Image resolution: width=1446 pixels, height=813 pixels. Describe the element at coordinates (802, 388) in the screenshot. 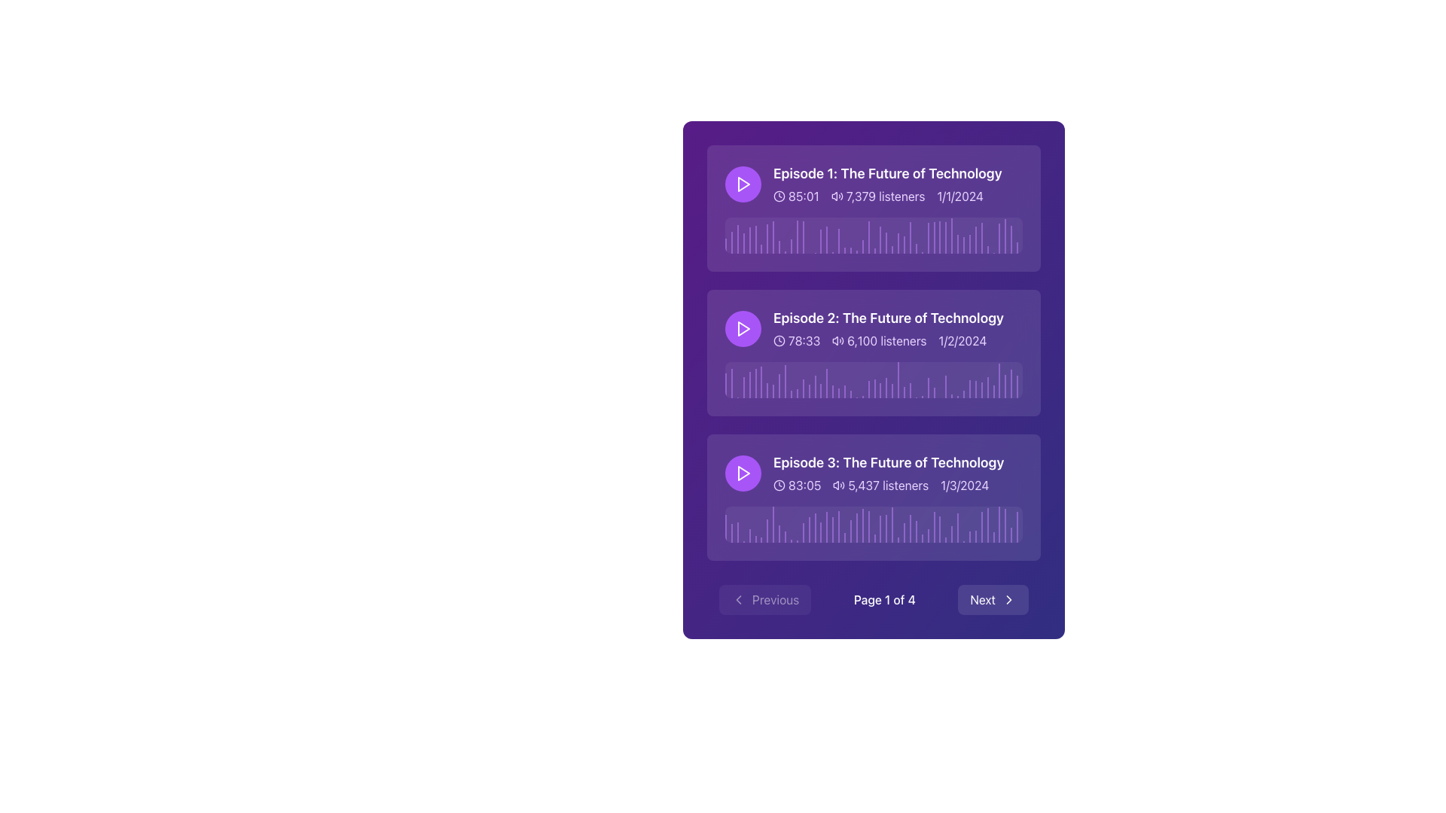

I see `the purple semi-transparent vertical bar positioned at the 14th location among similar bars in the waveform visualization for the second episode` at that location.